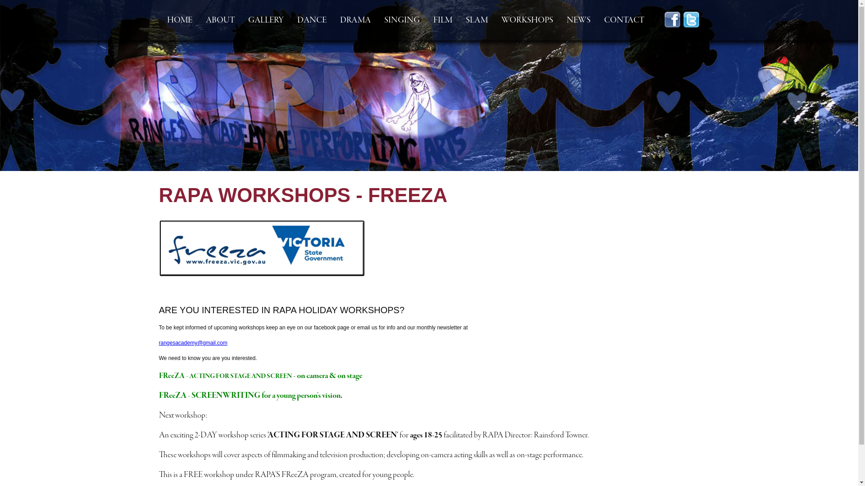  What do you see at coordinates (179, 20) in the screenshot?
I see `'HOME'` at bounding box center [179, 20].